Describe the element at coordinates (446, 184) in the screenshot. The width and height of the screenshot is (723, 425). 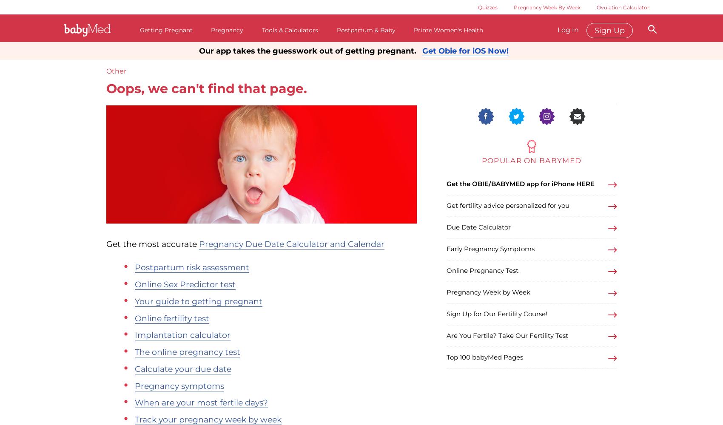
I see `'Get the OBIE/BABYMED app for iPhone HERE'` at that location.